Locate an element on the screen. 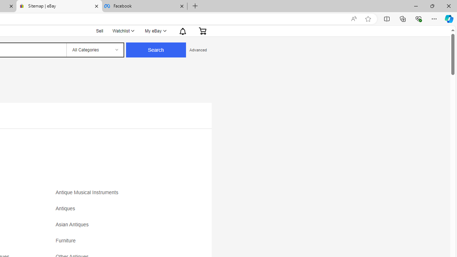 This screenshot has height=257, width=457. 'New Tab' is located at coordinates (195, 6).